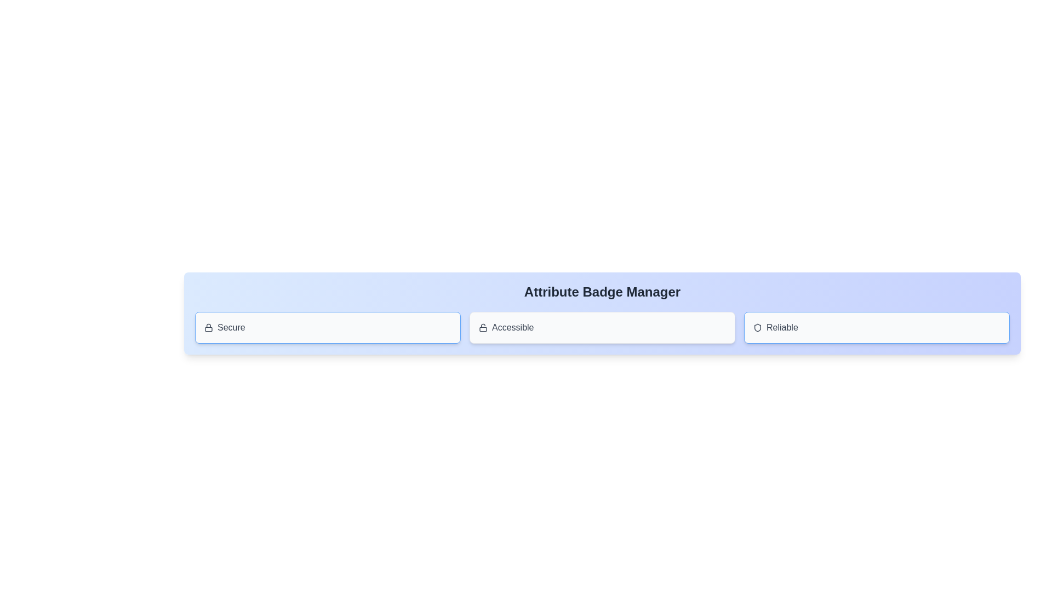 This screenshot has width=1052, height=592. What do you see at coordinates (327, 327) in the screenshot?
I see `the attribute badge labeled Secure to observe the hover effect` at bounding box center [327, 327].